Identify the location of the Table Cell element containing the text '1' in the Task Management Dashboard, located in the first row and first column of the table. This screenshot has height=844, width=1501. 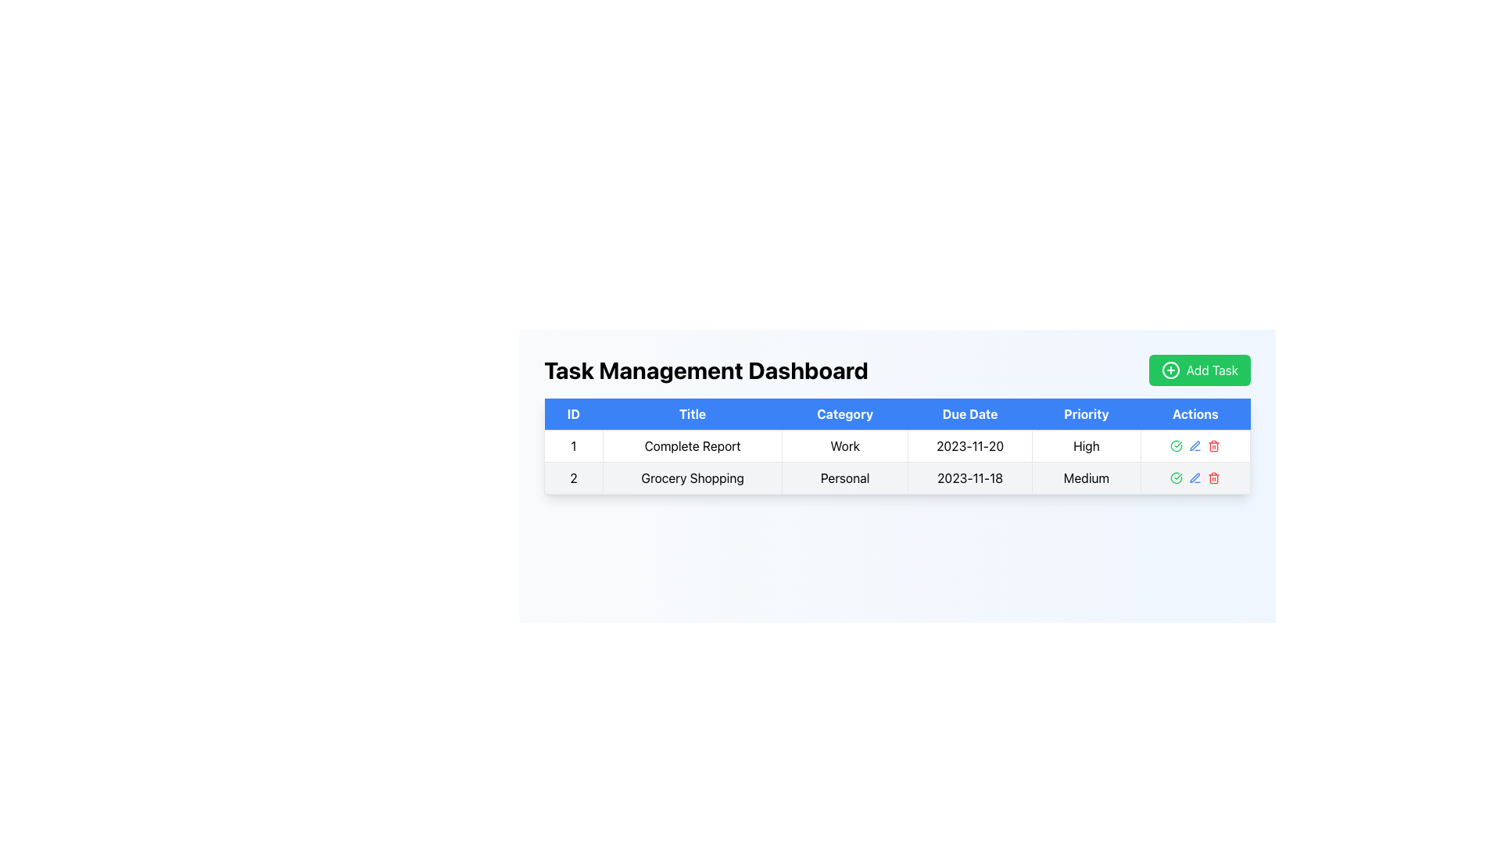
(573, 445).